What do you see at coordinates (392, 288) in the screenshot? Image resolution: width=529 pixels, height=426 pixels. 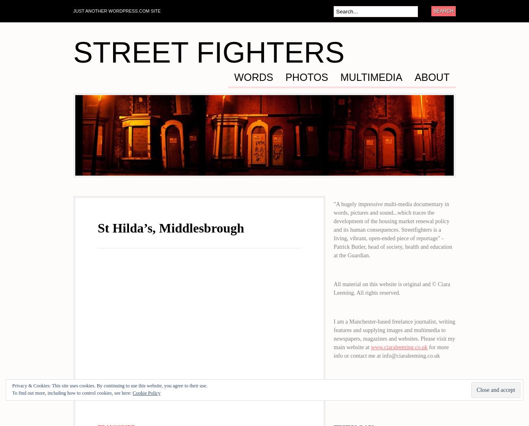 I see `'All material on this website is original and © Ciara Leeming. All rights reserved.'` at bounding box center [392, 288].